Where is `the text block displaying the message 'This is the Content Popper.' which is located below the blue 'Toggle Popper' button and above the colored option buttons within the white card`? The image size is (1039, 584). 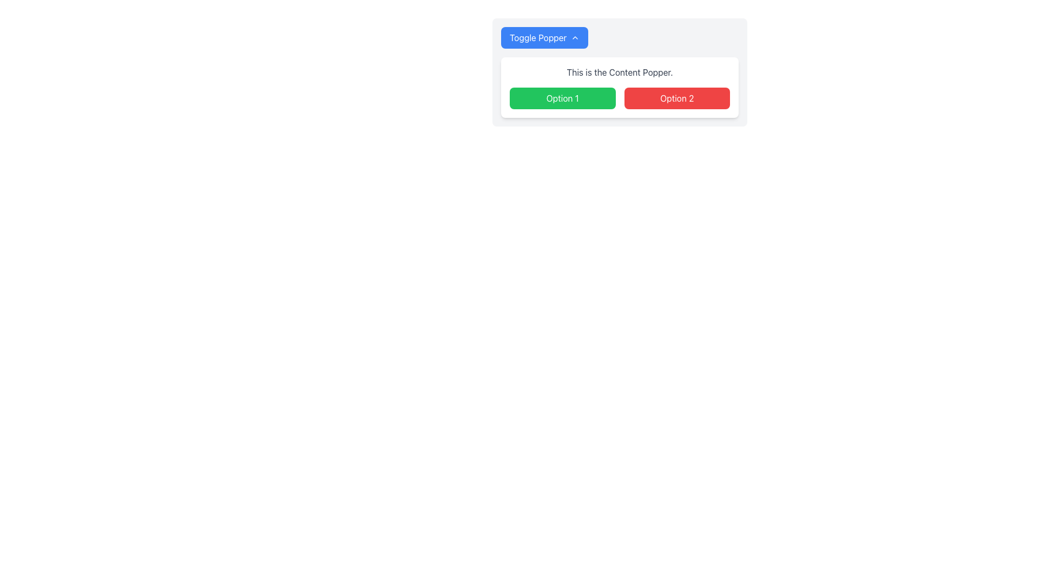 the text block displaying the message 'This is the Content Popper.' which is located below the blue 'Toggle Popper' button and above the colored option buttons within the white card is located at coordinates (620, 72).